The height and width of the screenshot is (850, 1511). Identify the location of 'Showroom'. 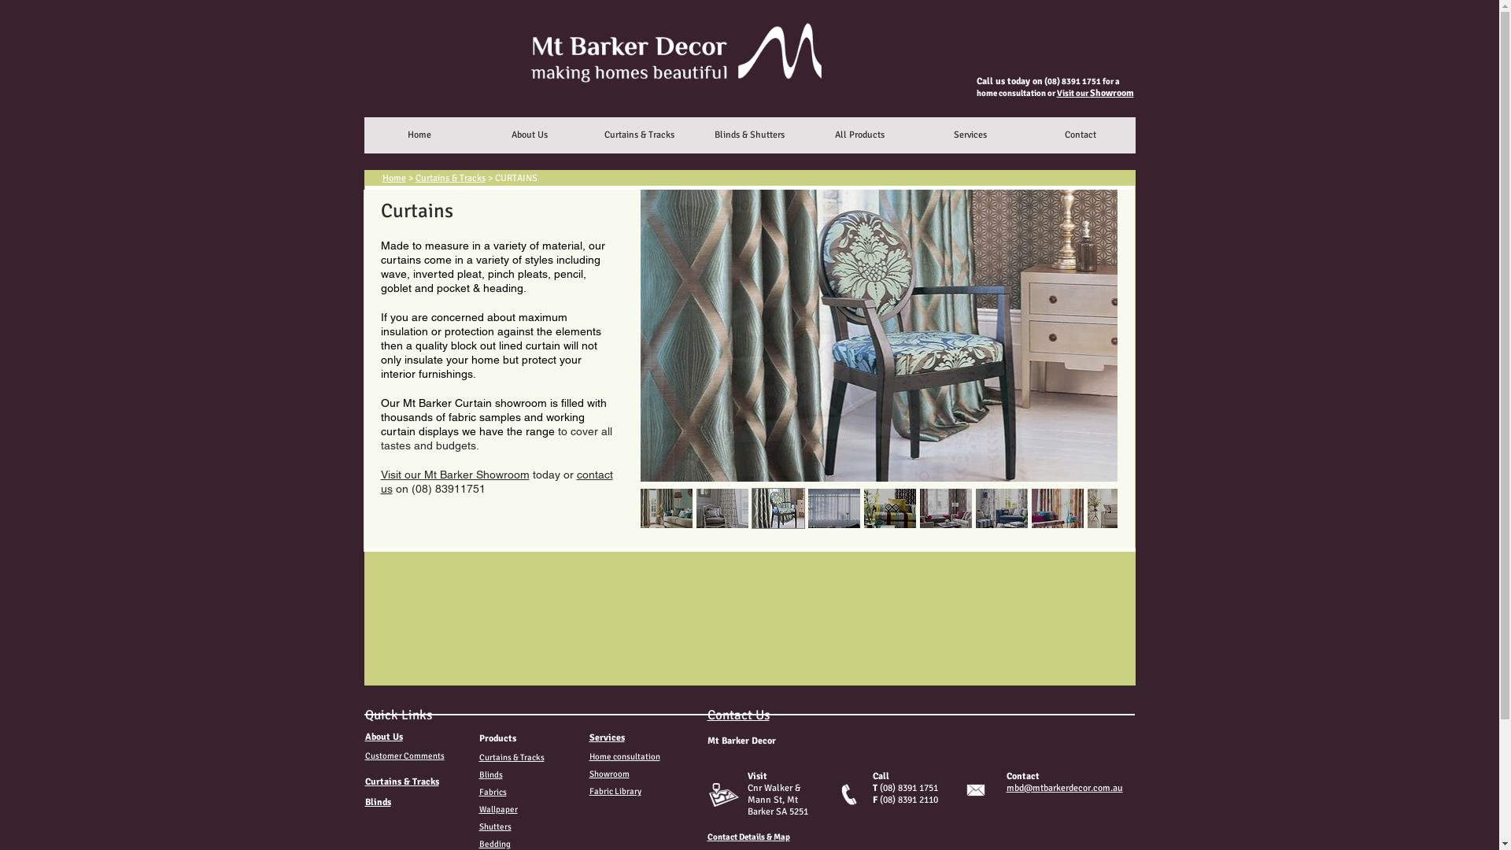
(608, 773).